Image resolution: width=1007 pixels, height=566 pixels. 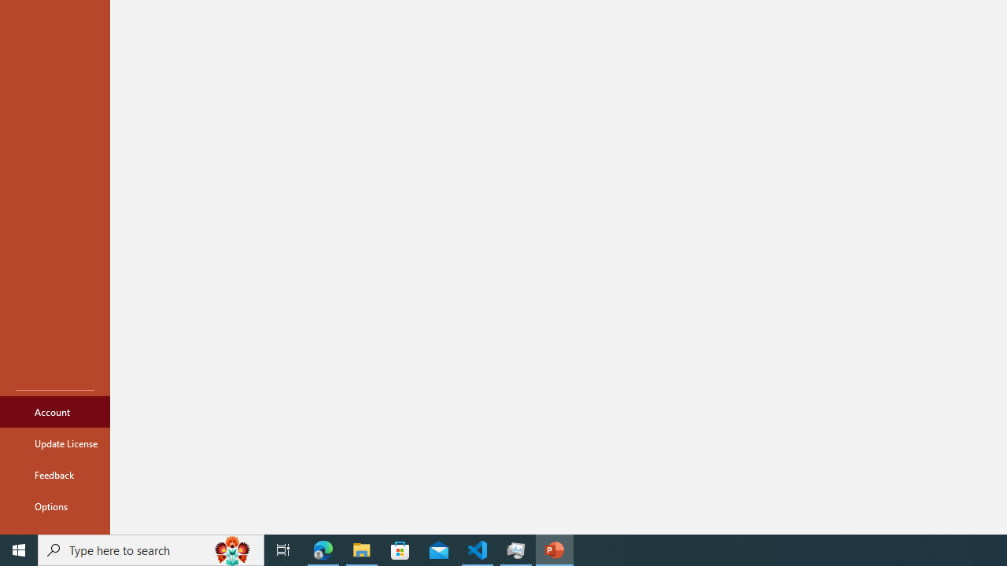 What do you see at coordinates (54, 506) in the screenshot?
I see `'Options'` at bounding box center [54, 506].